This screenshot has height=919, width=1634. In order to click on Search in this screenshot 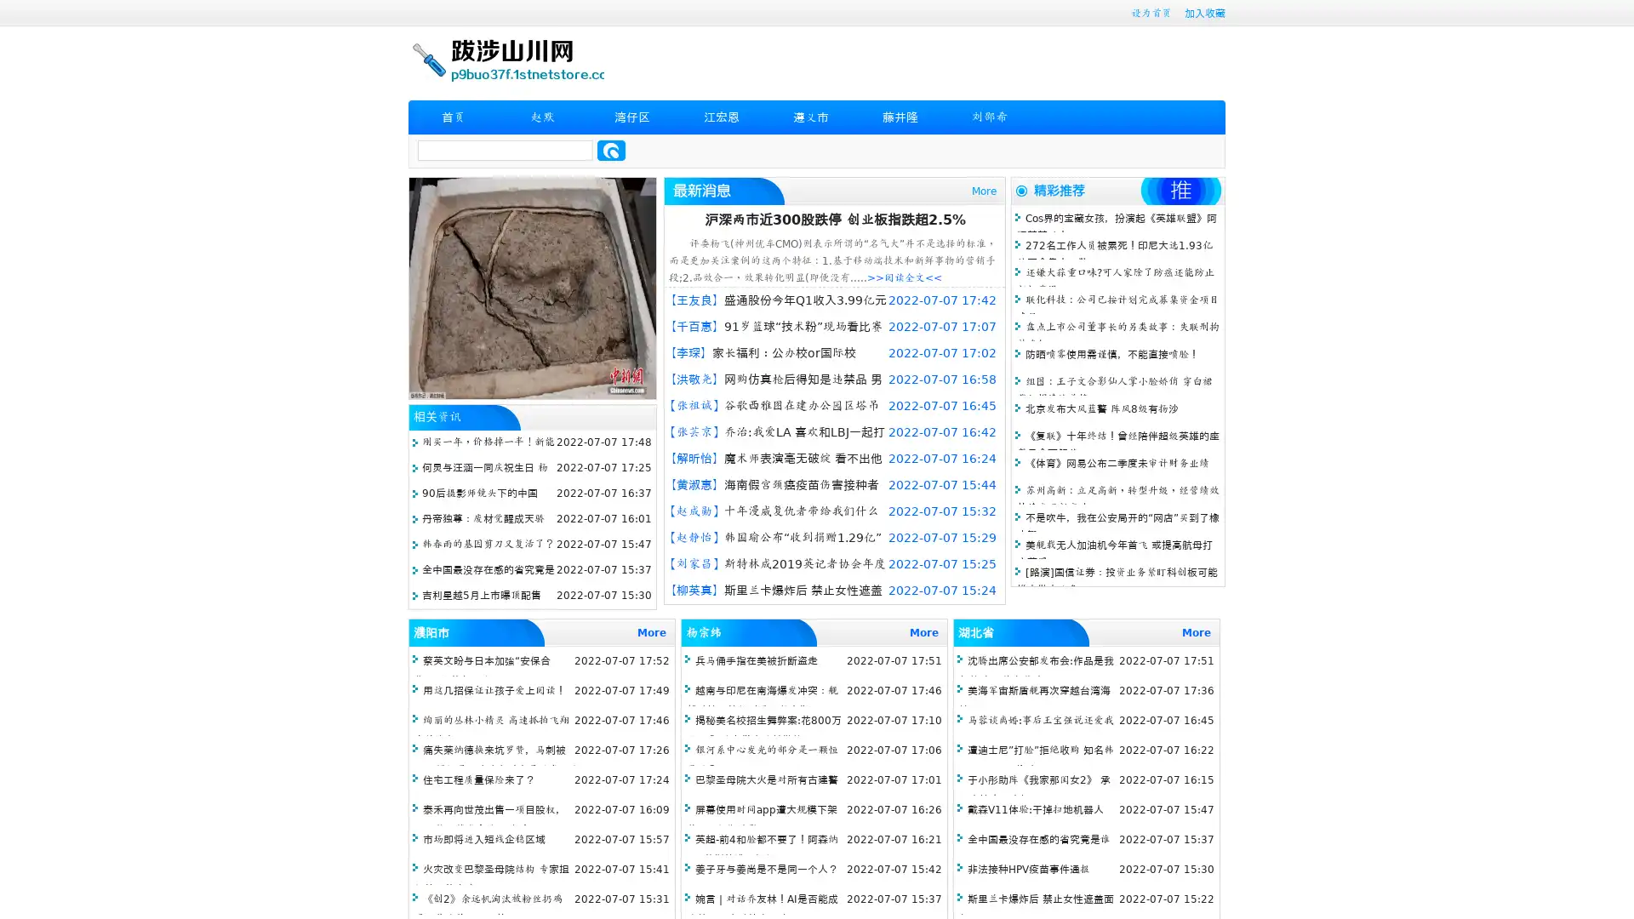, I will do `click(611, 150)`.